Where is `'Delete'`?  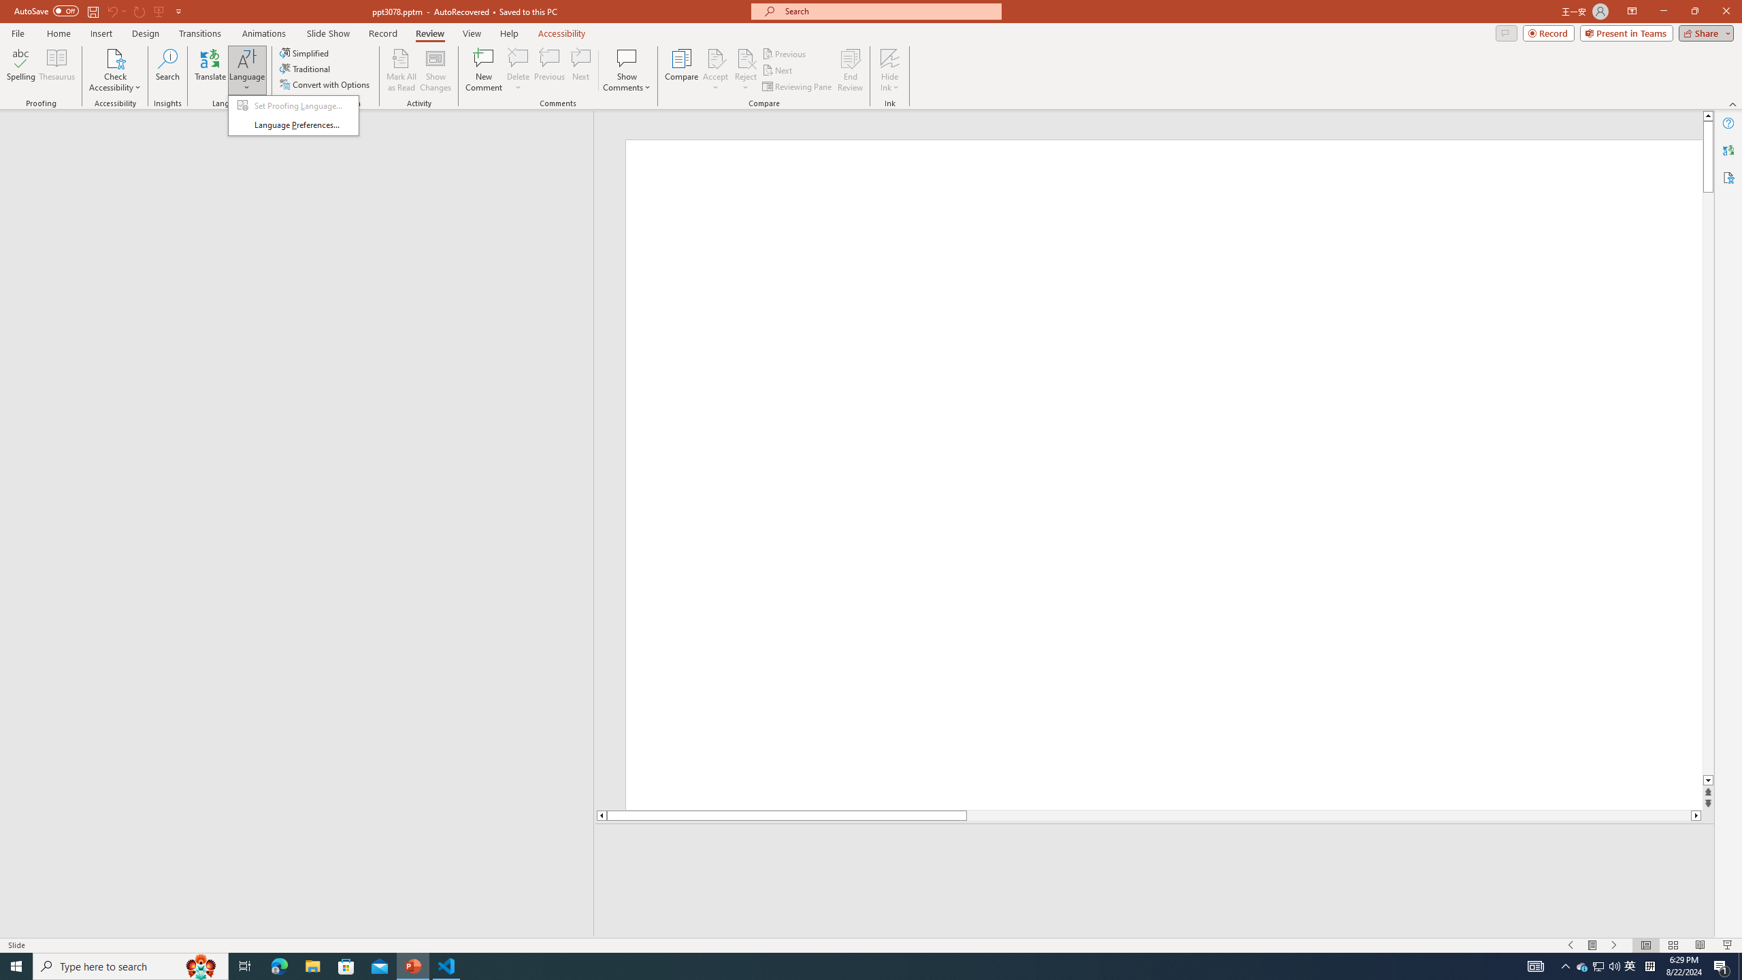 'Delete' is located at coordinates (518, 70).